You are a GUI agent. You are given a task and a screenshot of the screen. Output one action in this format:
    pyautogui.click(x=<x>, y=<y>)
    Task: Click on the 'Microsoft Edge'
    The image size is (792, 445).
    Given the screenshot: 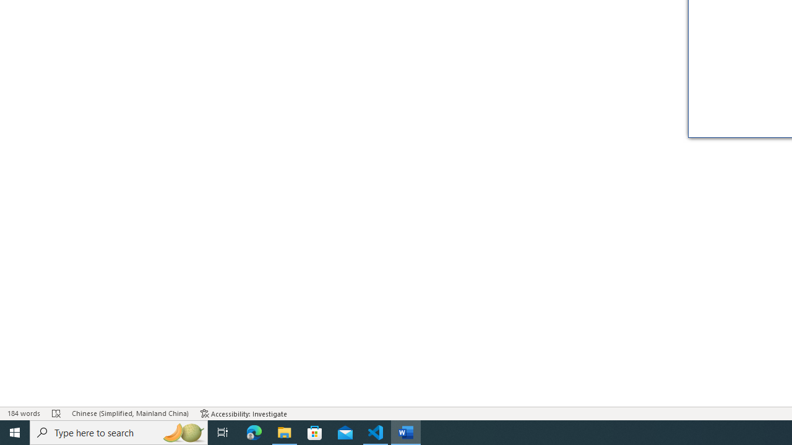 What is the action you would take?
    pyautogui.click(x=254, y=431)
    